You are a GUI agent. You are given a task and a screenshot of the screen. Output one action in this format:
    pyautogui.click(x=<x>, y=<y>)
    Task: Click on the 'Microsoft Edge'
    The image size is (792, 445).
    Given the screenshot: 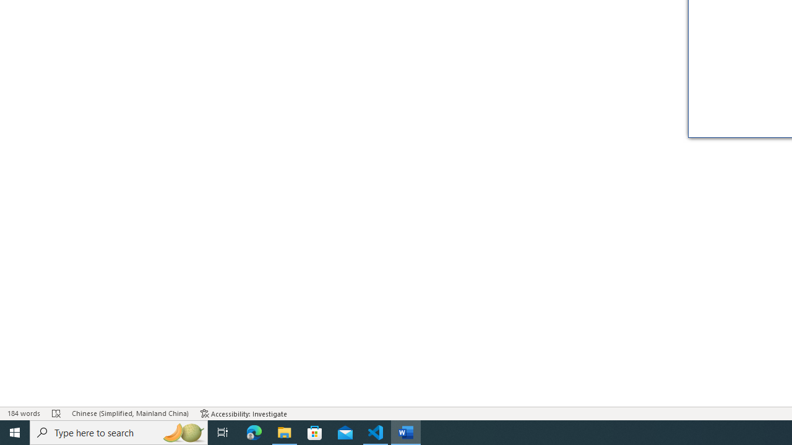 What is the action you would take?
    pyautogui.click(x=254, y=431)
    